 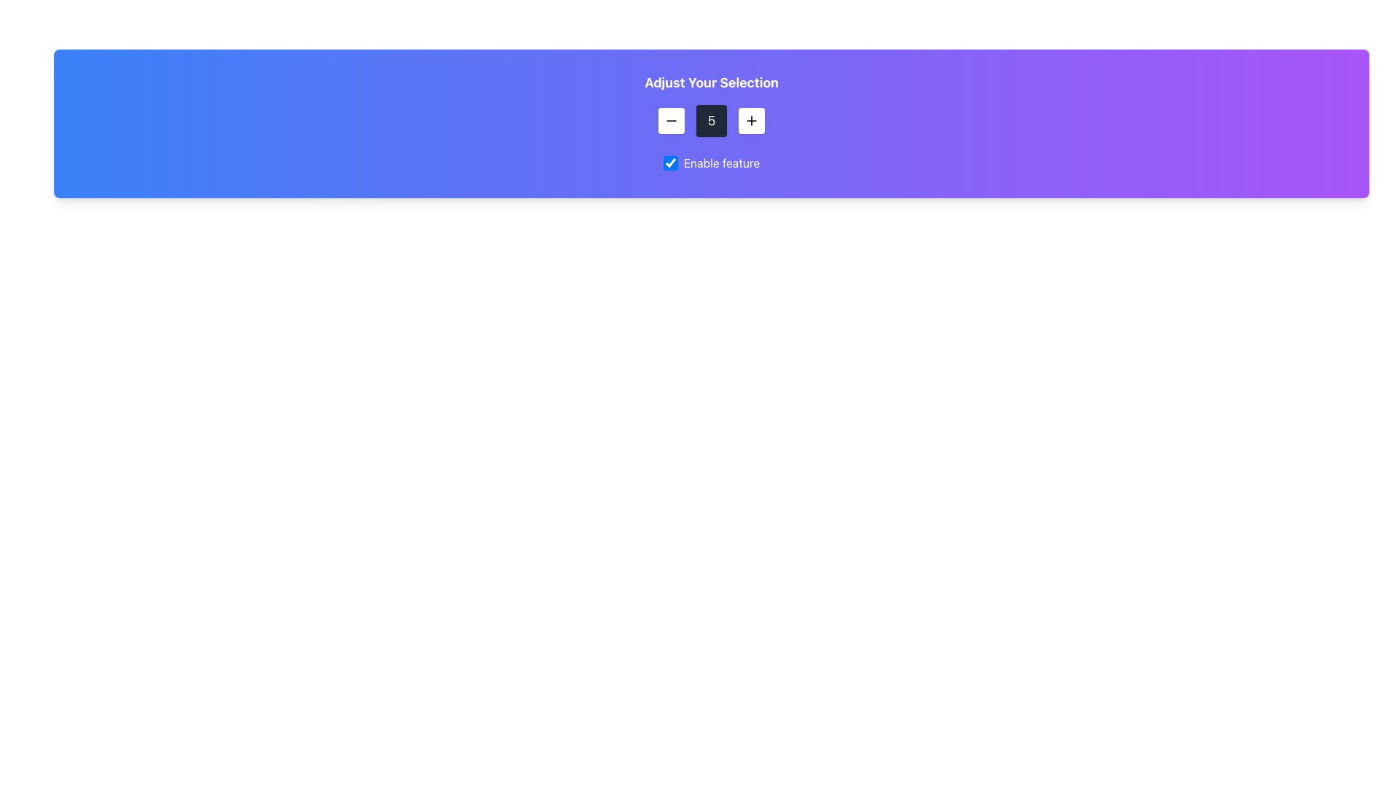 What do you see at coordinates (711, 120) in the screenshot?
I see `the Display button located under the header 'Adjust Your Selection', which is the middle button in a horizontal arrangement between the '+' and '-' buttons` at bounding box center [711, 120].